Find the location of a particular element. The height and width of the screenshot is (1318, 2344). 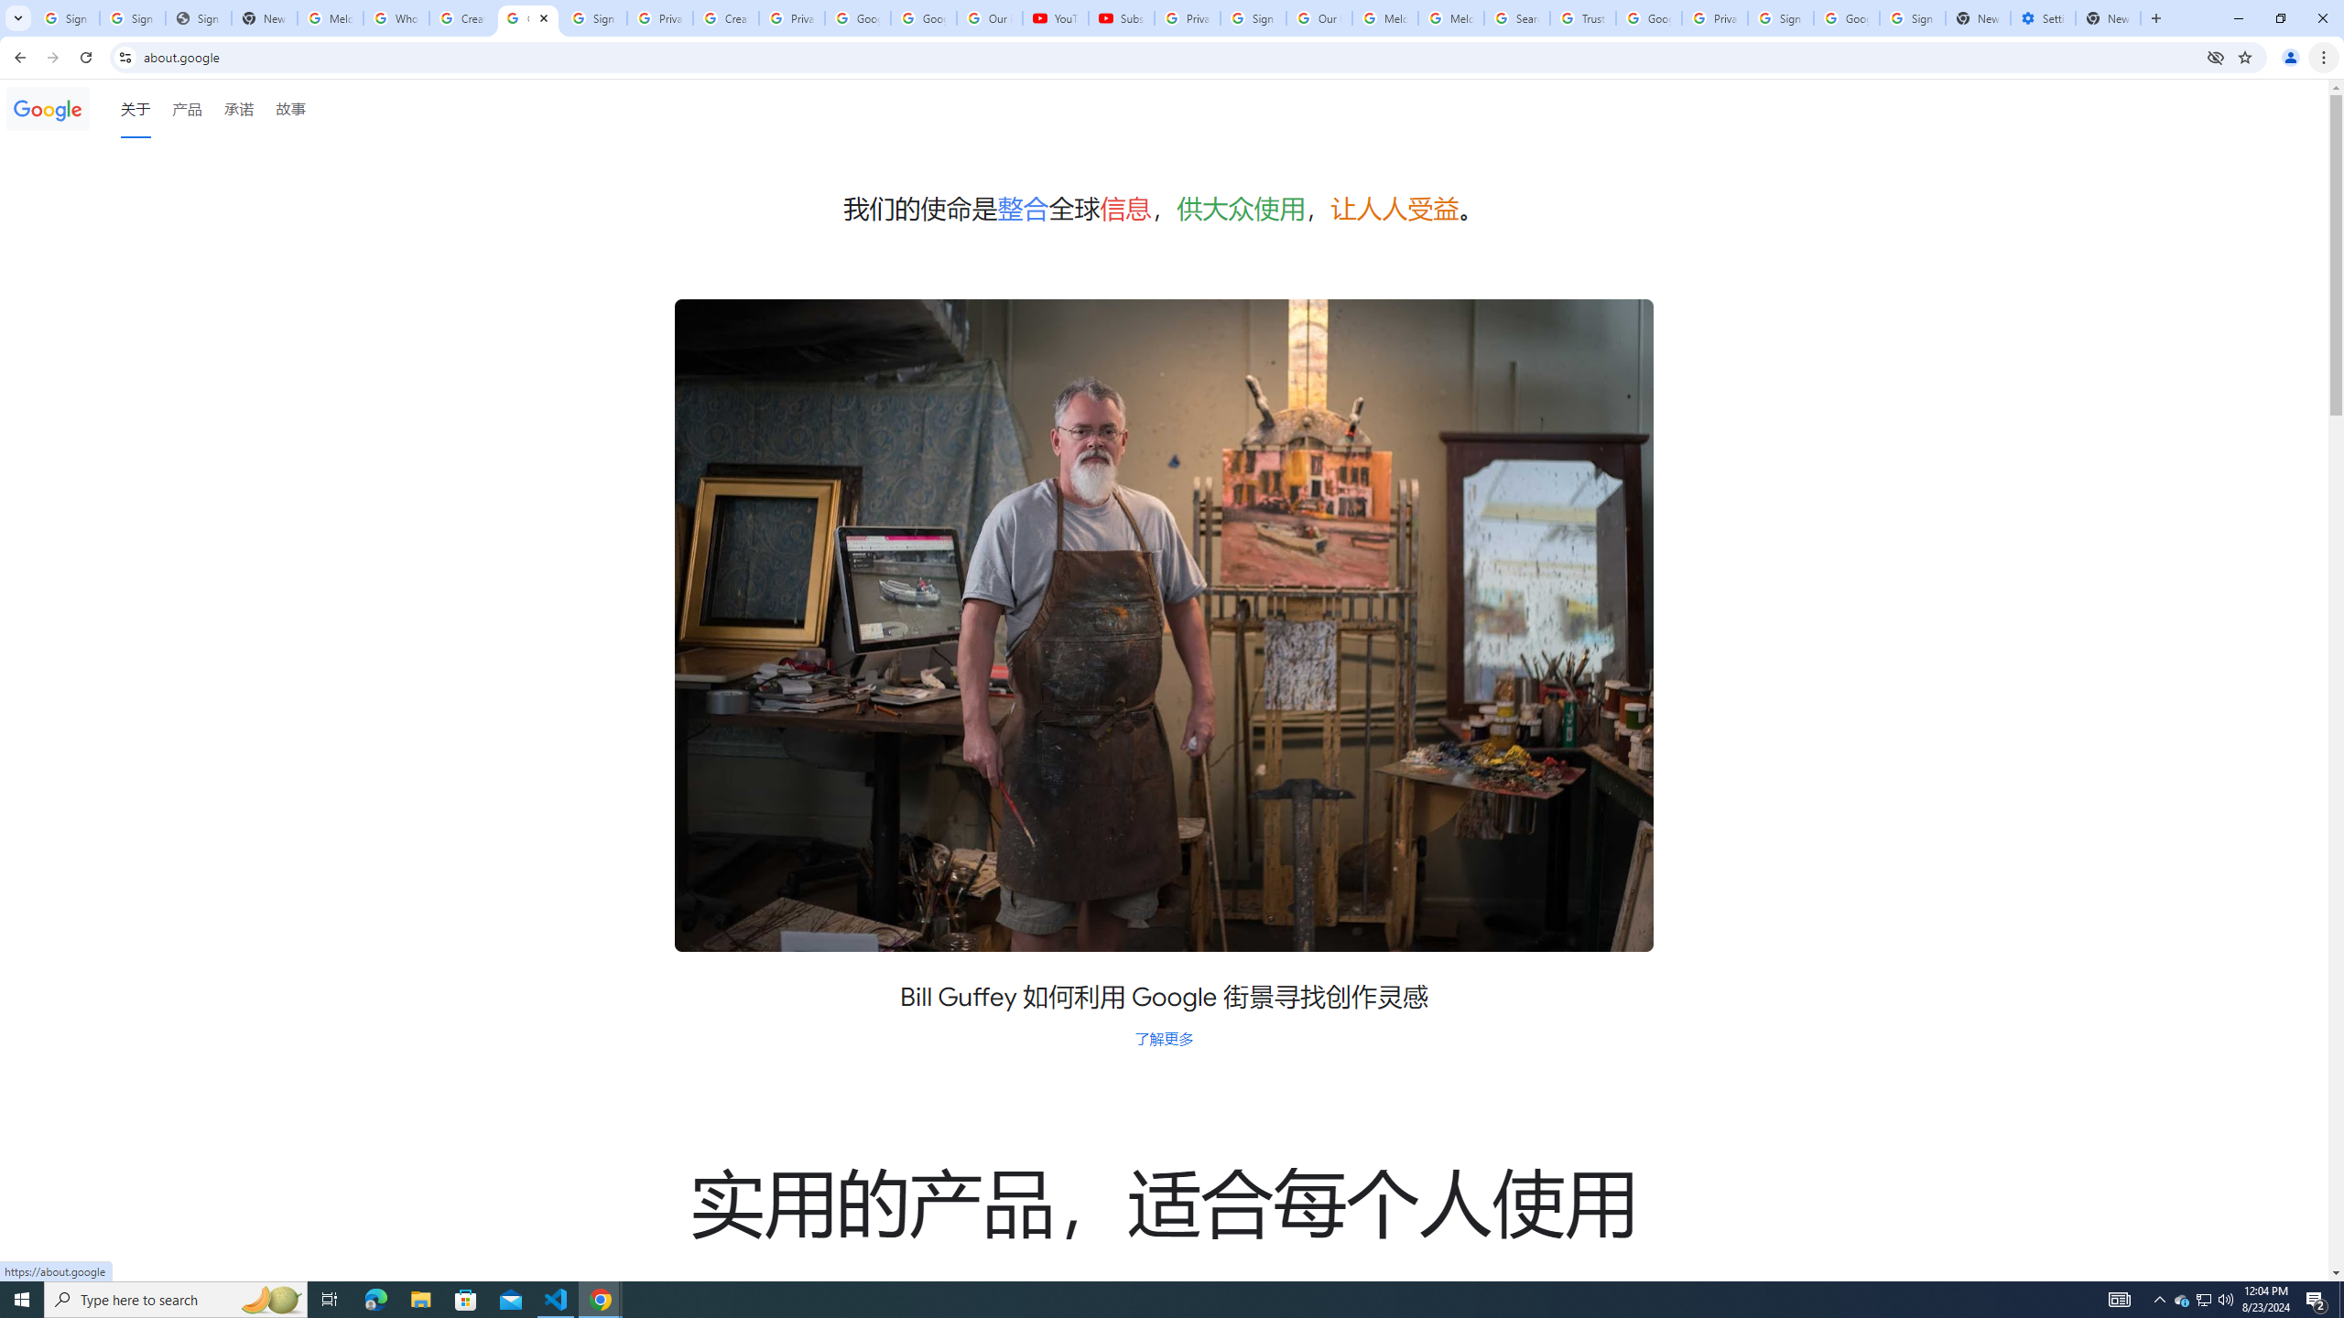

'New Tab' is located at coordinates (2108, 17).